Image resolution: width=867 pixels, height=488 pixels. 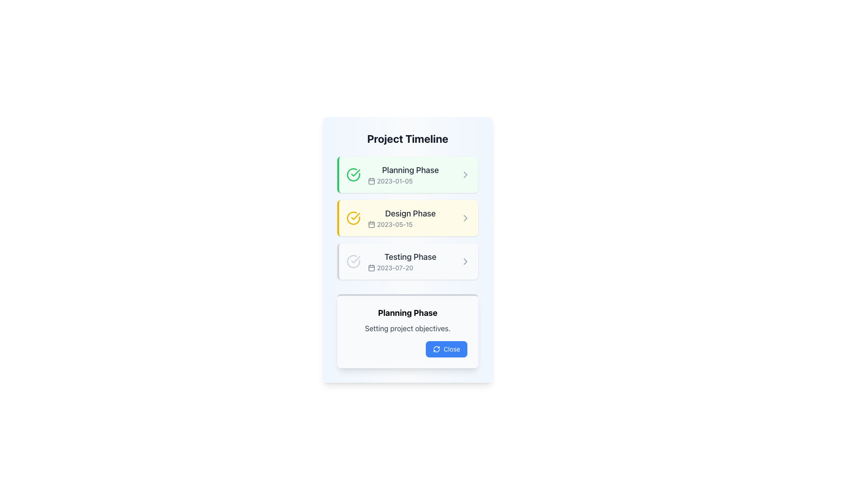 I want to click on the circular arc forming part of a green circle with a checkmark inside, located to the left of the text 'Planning Phase' in the topmost card of the timeline, so click(x=353, y=174).